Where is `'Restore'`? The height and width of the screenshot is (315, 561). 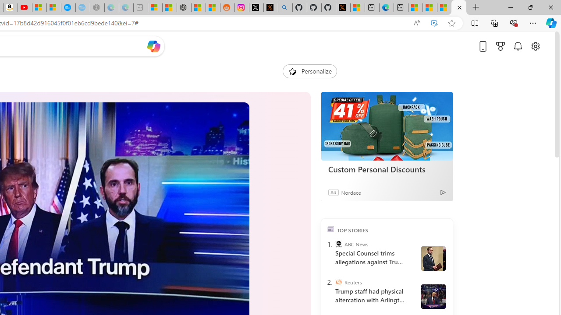
'Restore' is located at coordinates (530, 7).